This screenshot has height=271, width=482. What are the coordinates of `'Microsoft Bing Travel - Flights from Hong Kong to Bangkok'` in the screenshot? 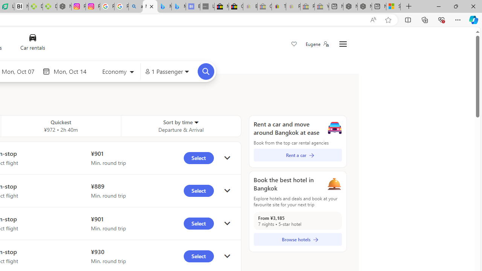 It's located at (150, 6).